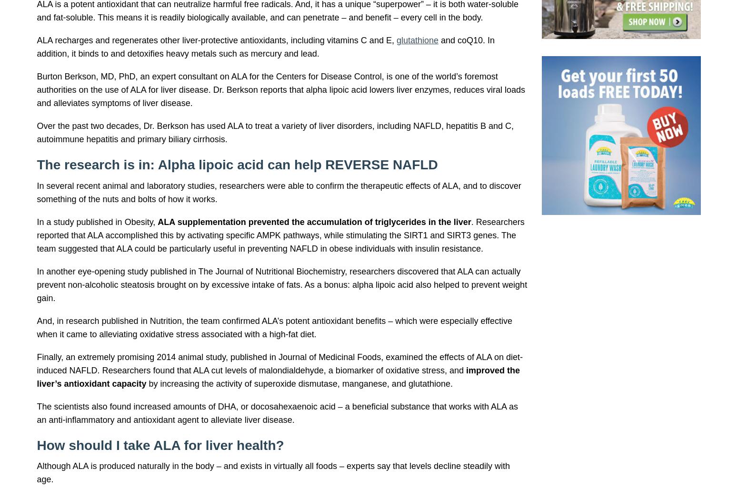 This screenshot has height=488, width=738. Describe the element at coordinates (289, 178) in the screenshot. I see `'be taken ‘as listed,’ or does it need to be taken with a B complex, as Dr Berkson has stated elsewhere but not listed here.'` at that location.